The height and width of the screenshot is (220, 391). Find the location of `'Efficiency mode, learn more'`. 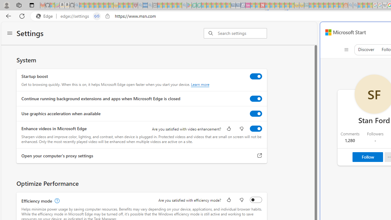

'Efficiency mode, learn more' is located at coordinates (56, 201).